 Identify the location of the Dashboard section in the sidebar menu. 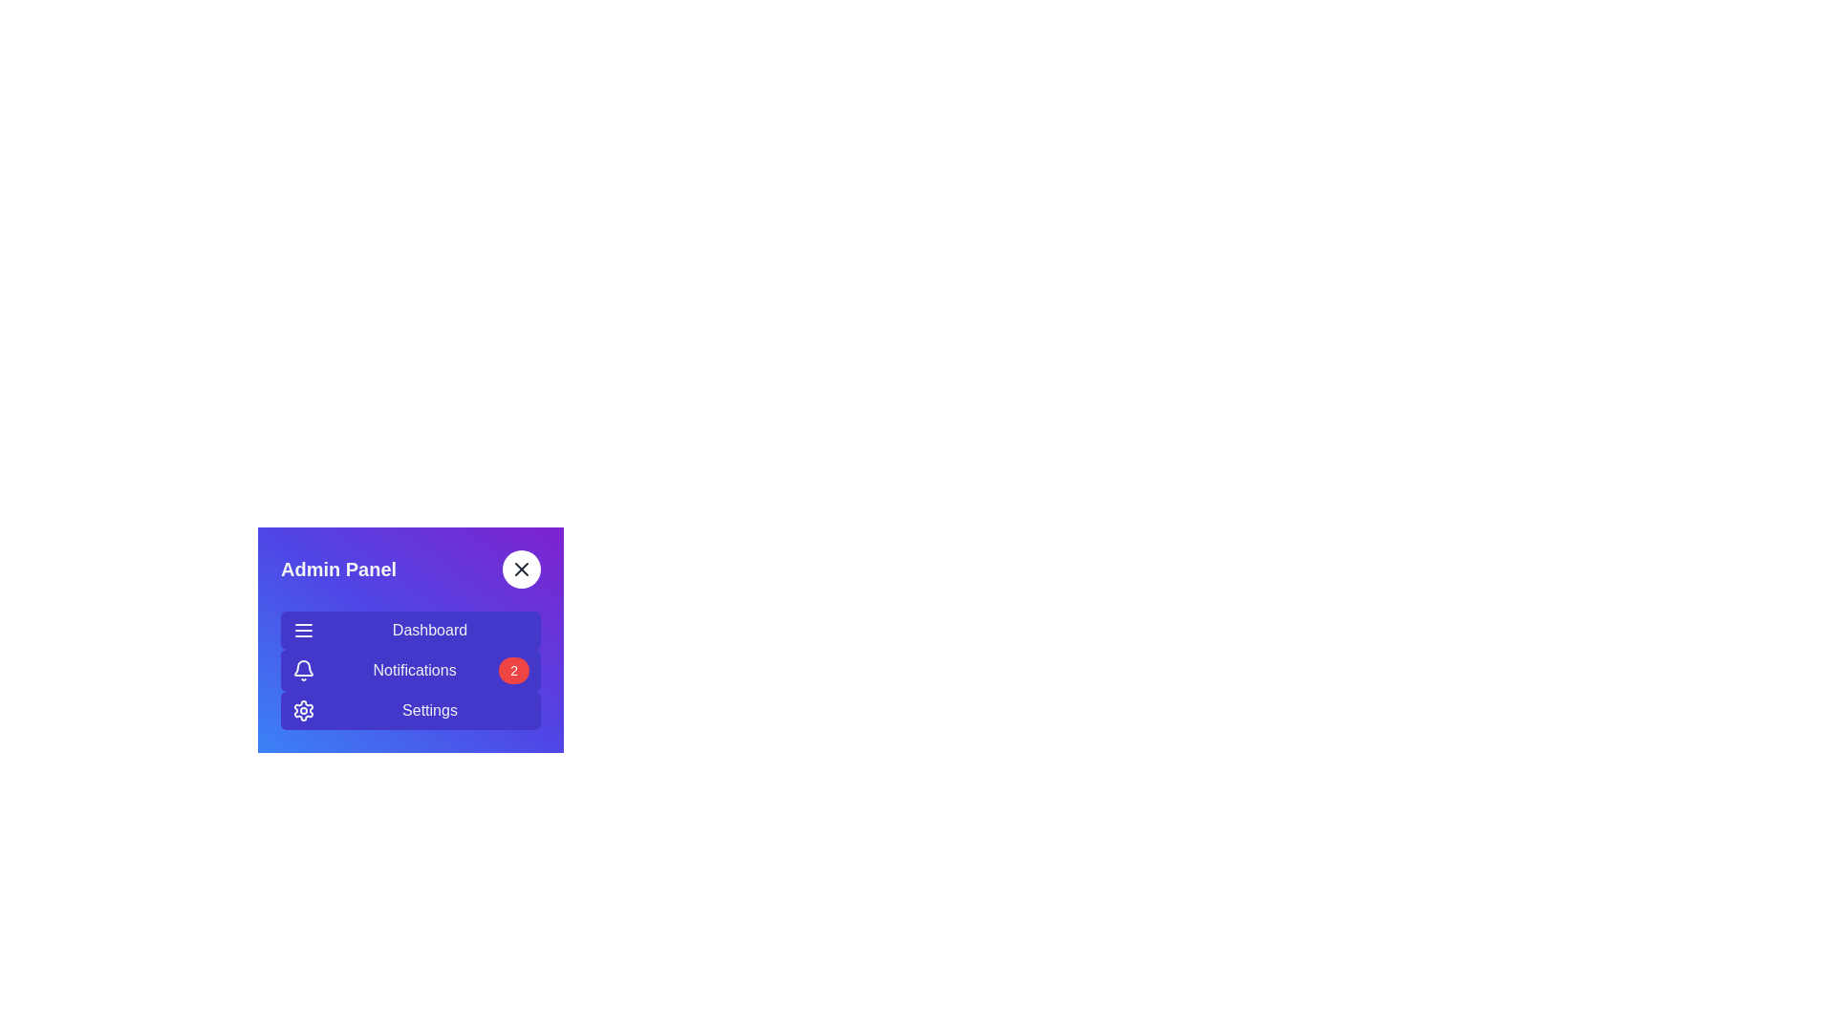
(410, 630).